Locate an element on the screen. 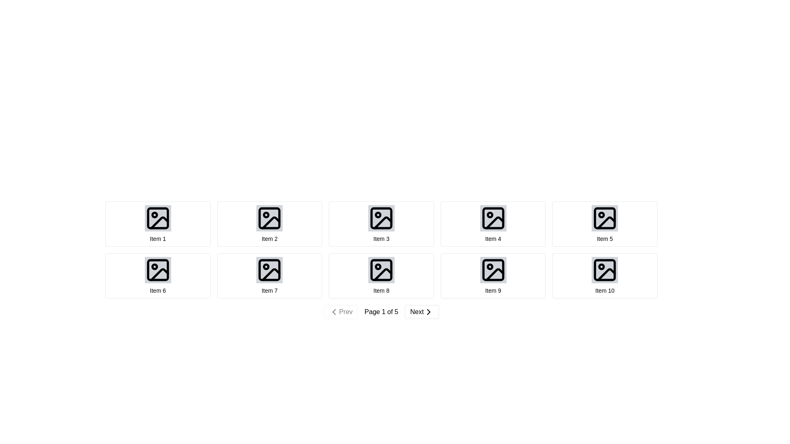 The width and height of the screenshot is (790, 444). the decorative graphic feature located in the top-right region of the picture frame icon associated with 'Item 10' is located at coordinates (602, 266).